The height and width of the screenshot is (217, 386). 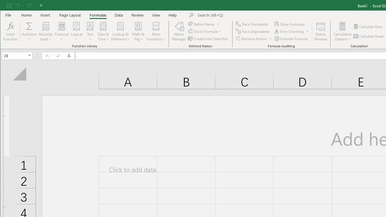 I want to click on 'Calculation Options', so click(x=343, y=31).